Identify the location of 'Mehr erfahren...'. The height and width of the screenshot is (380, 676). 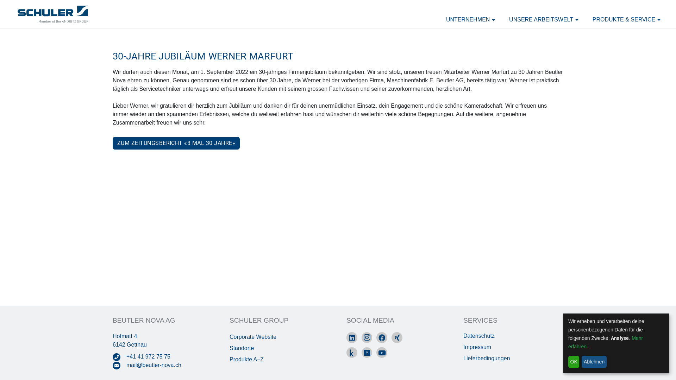
(605, 342).